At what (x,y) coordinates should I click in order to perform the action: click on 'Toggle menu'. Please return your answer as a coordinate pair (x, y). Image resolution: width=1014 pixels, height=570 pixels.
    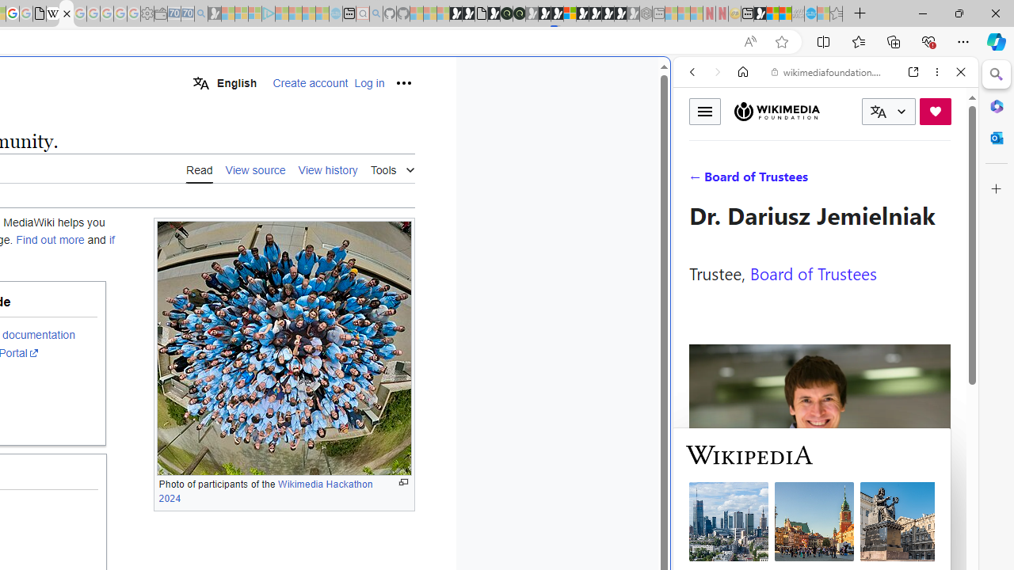
    Looking at the image, I should click on (704, 110).